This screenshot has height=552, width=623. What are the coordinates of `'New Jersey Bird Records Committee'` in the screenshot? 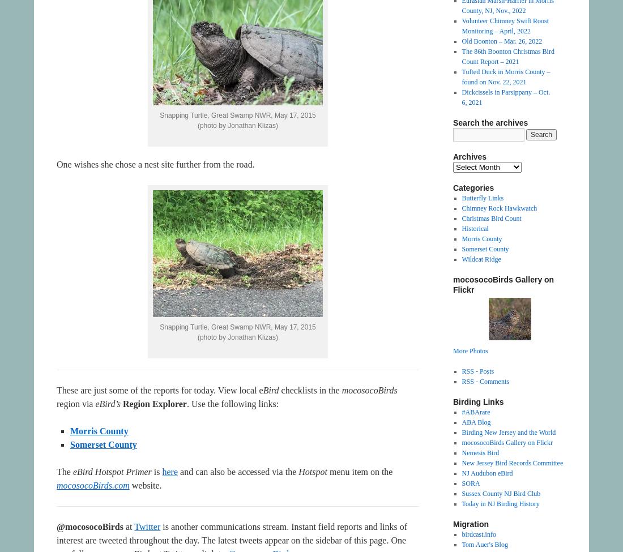 It's located at (461, 463).